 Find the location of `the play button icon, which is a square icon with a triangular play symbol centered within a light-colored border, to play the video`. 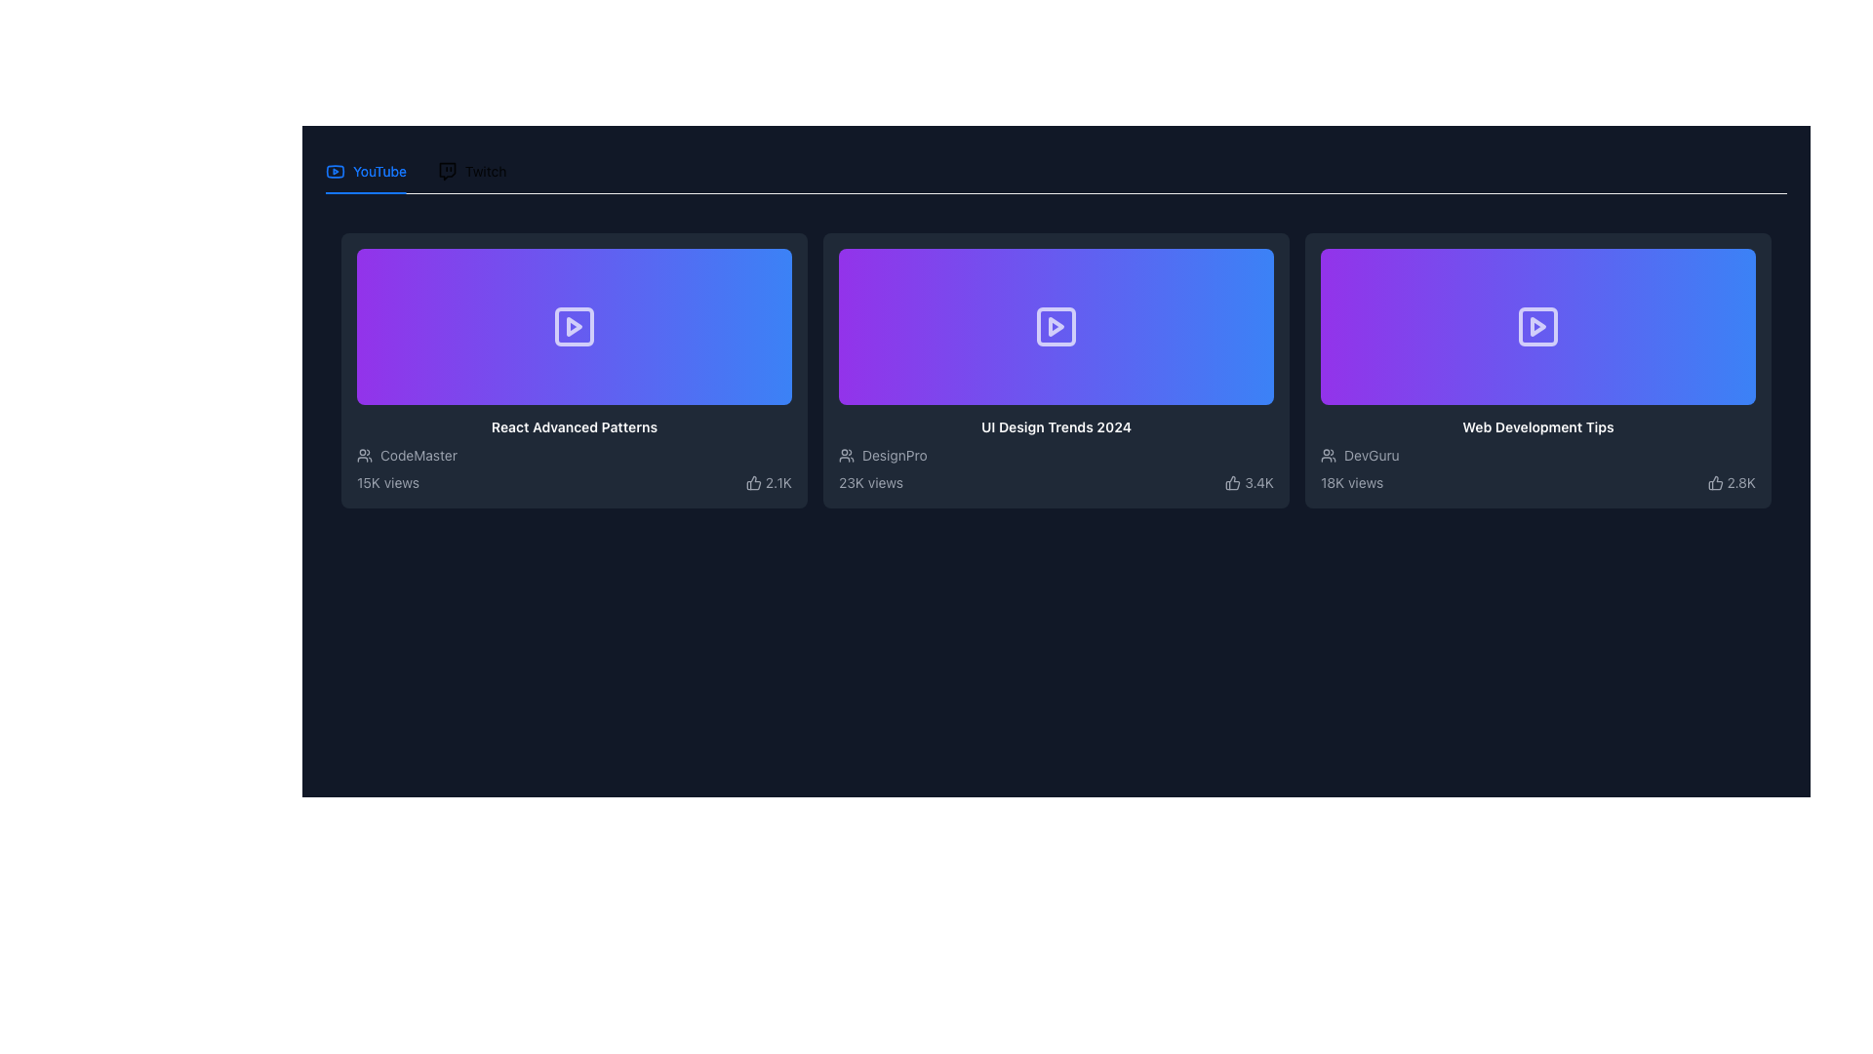

the play button icon, which is a square icon with a triangular play symbol centered within a light-colored border, to play the video is located at coordinates (574, 326).